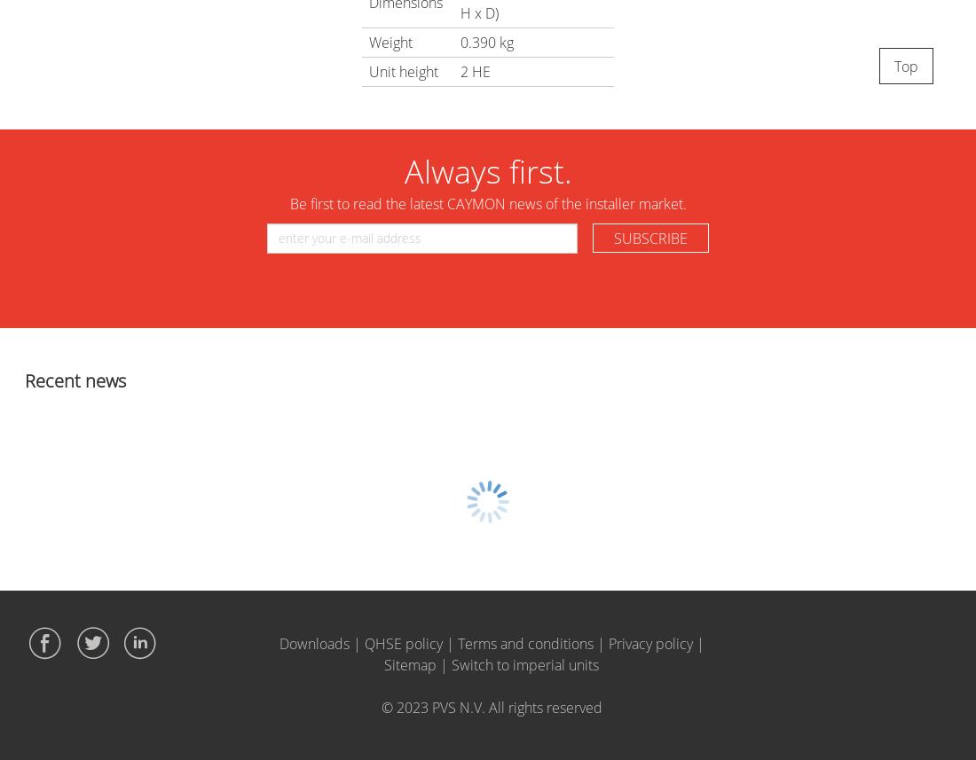 This screenshot has width=976, height=760. What do you see at coordinates (487, 203) in the screenshot?
I see `'Be first to read the latest CAYMON news of the installer market.'` at bounding box center [487, 203].